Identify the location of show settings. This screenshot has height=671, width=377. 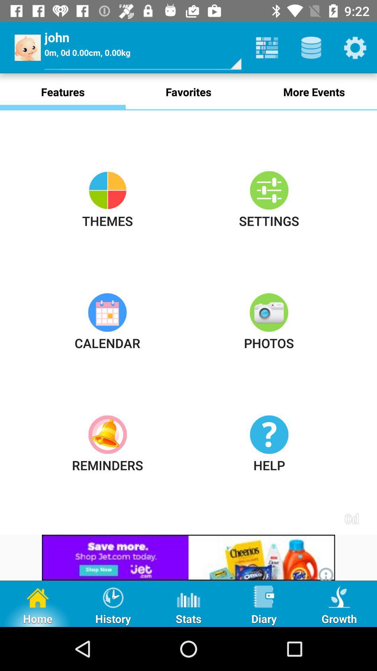
(355, 47).